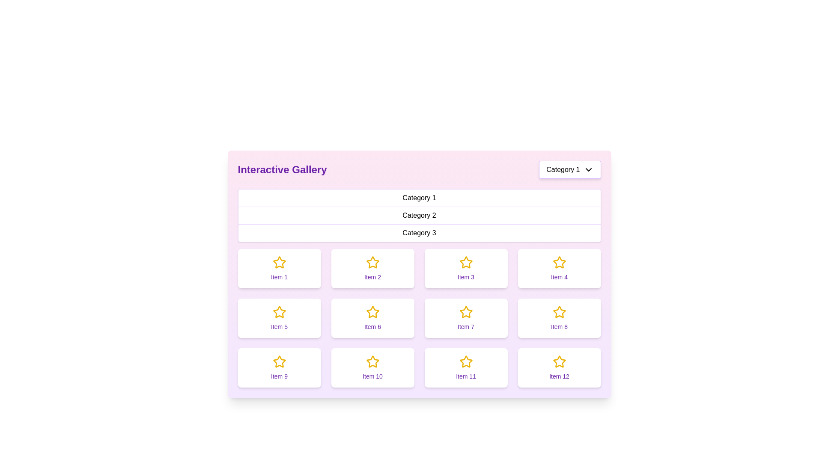 The height and width of the screenshot is (462, 822). Describe the element at coordinates (372, 312) in the screenshot. I see `the gold-colored star icon with a rounded outline located in the 'Item 6' card of the 'Interactive Gallery' section` at that location.